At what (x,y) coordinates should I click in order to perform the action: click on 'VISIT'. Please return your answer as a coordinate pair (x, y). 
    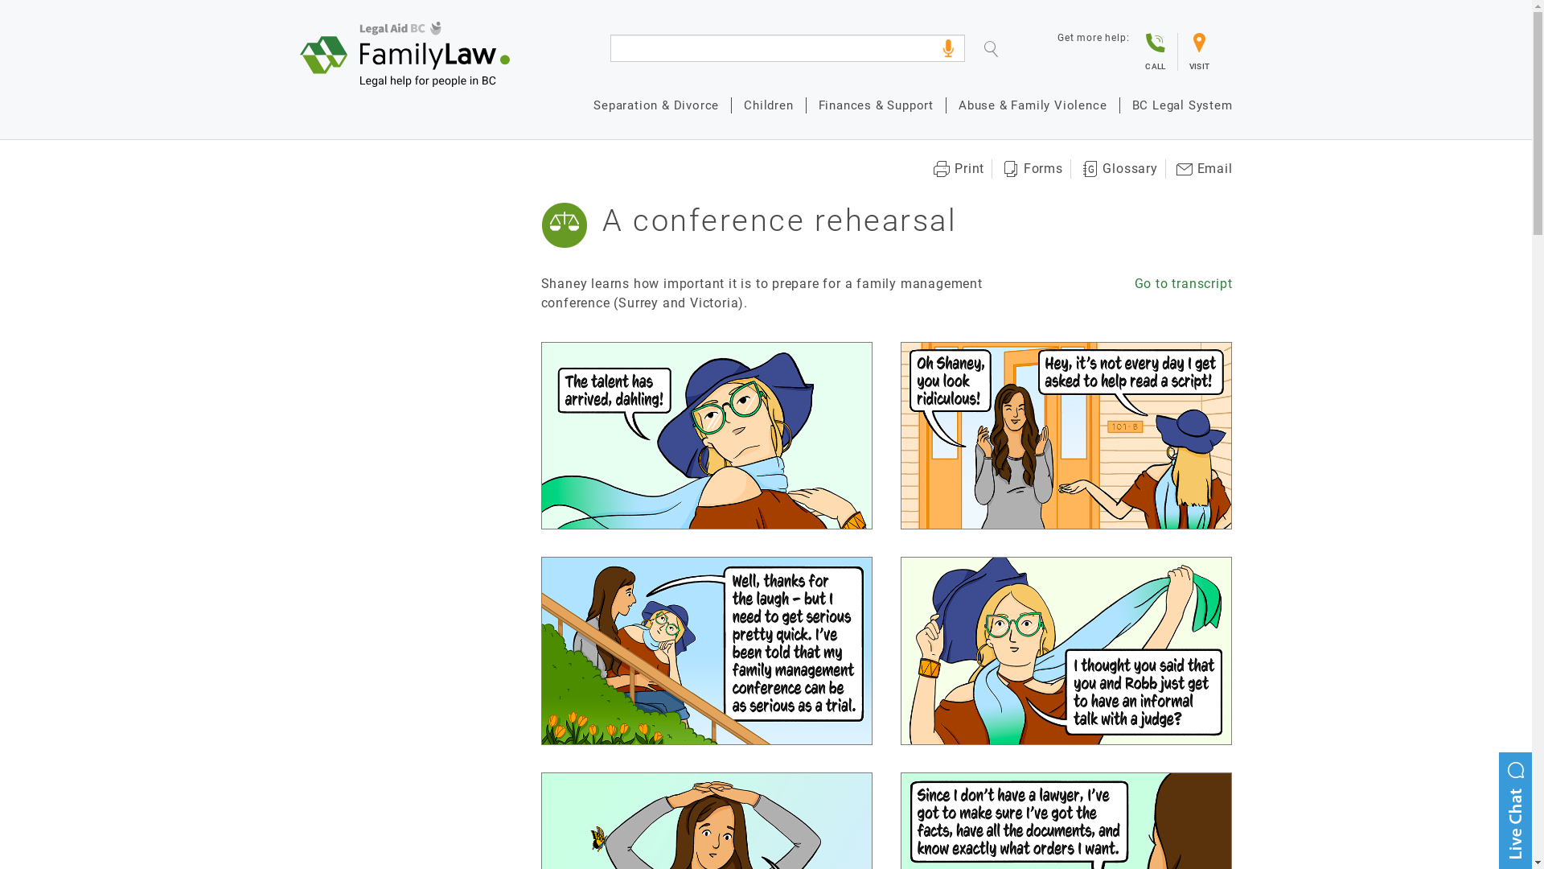
    Looking at the image, I should click on (1199, 50).